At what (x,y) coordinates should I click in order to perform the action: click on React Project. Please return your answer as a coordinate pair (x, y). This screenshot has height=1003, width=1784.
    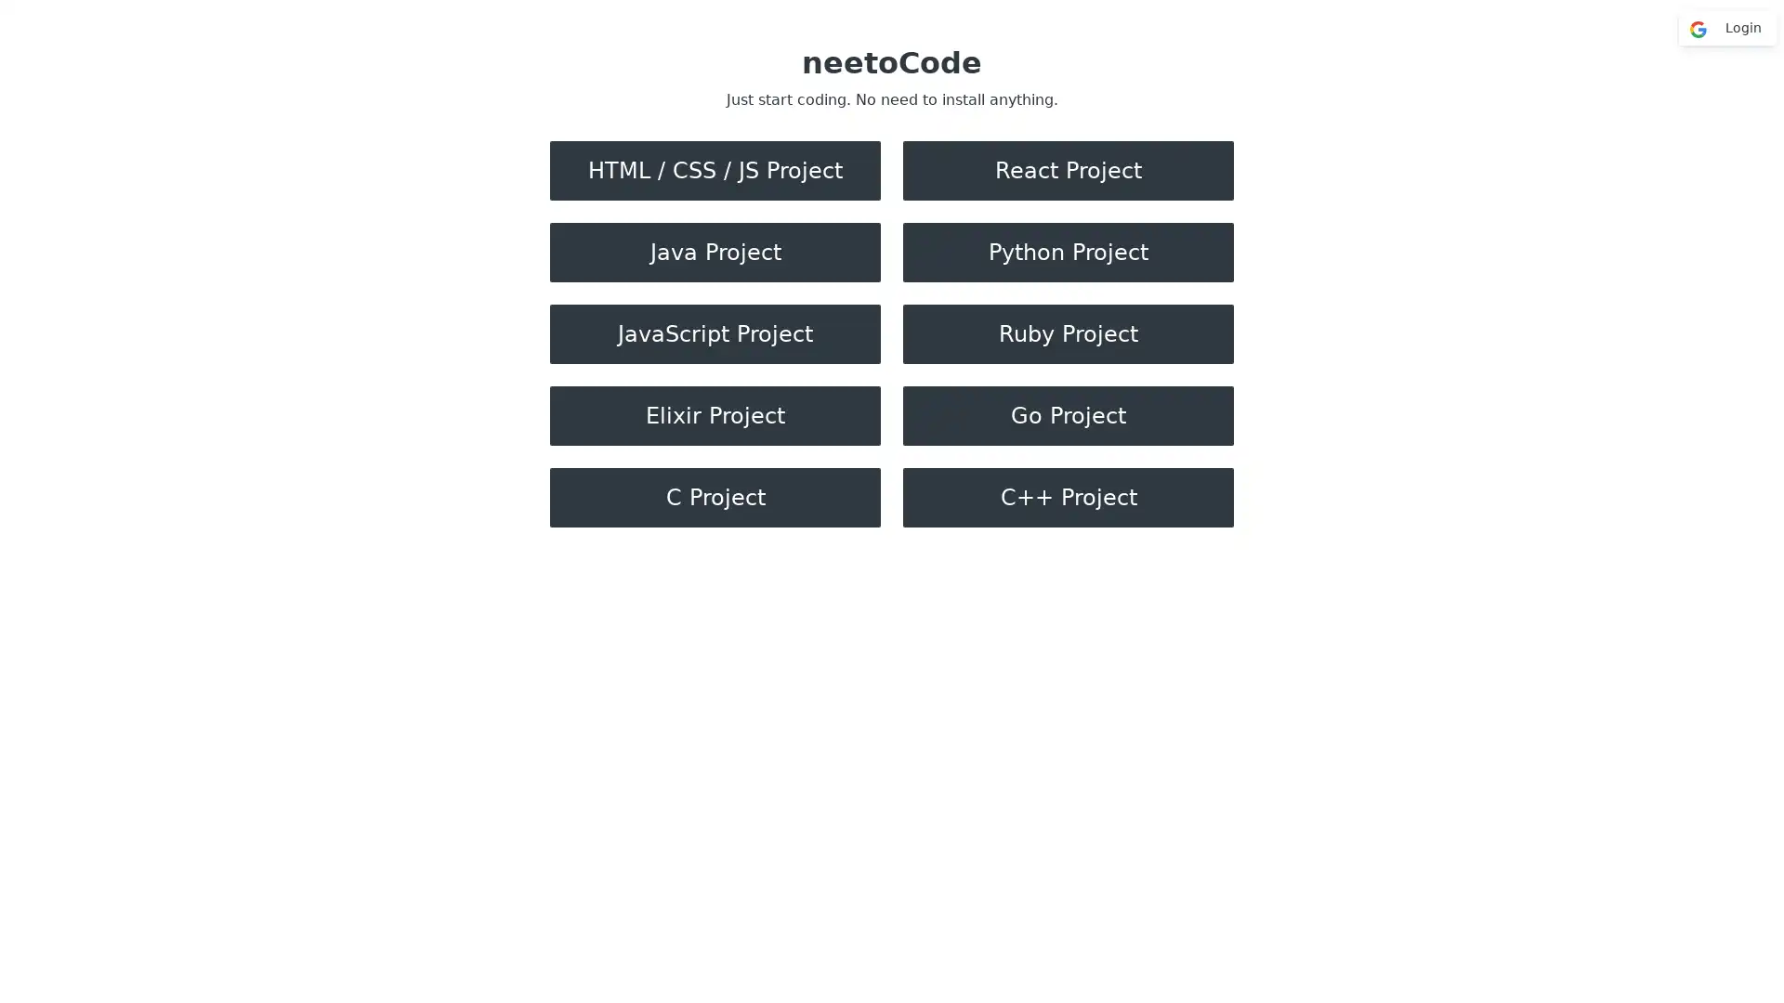
    Looking at the image, I should click on (1069, 171).